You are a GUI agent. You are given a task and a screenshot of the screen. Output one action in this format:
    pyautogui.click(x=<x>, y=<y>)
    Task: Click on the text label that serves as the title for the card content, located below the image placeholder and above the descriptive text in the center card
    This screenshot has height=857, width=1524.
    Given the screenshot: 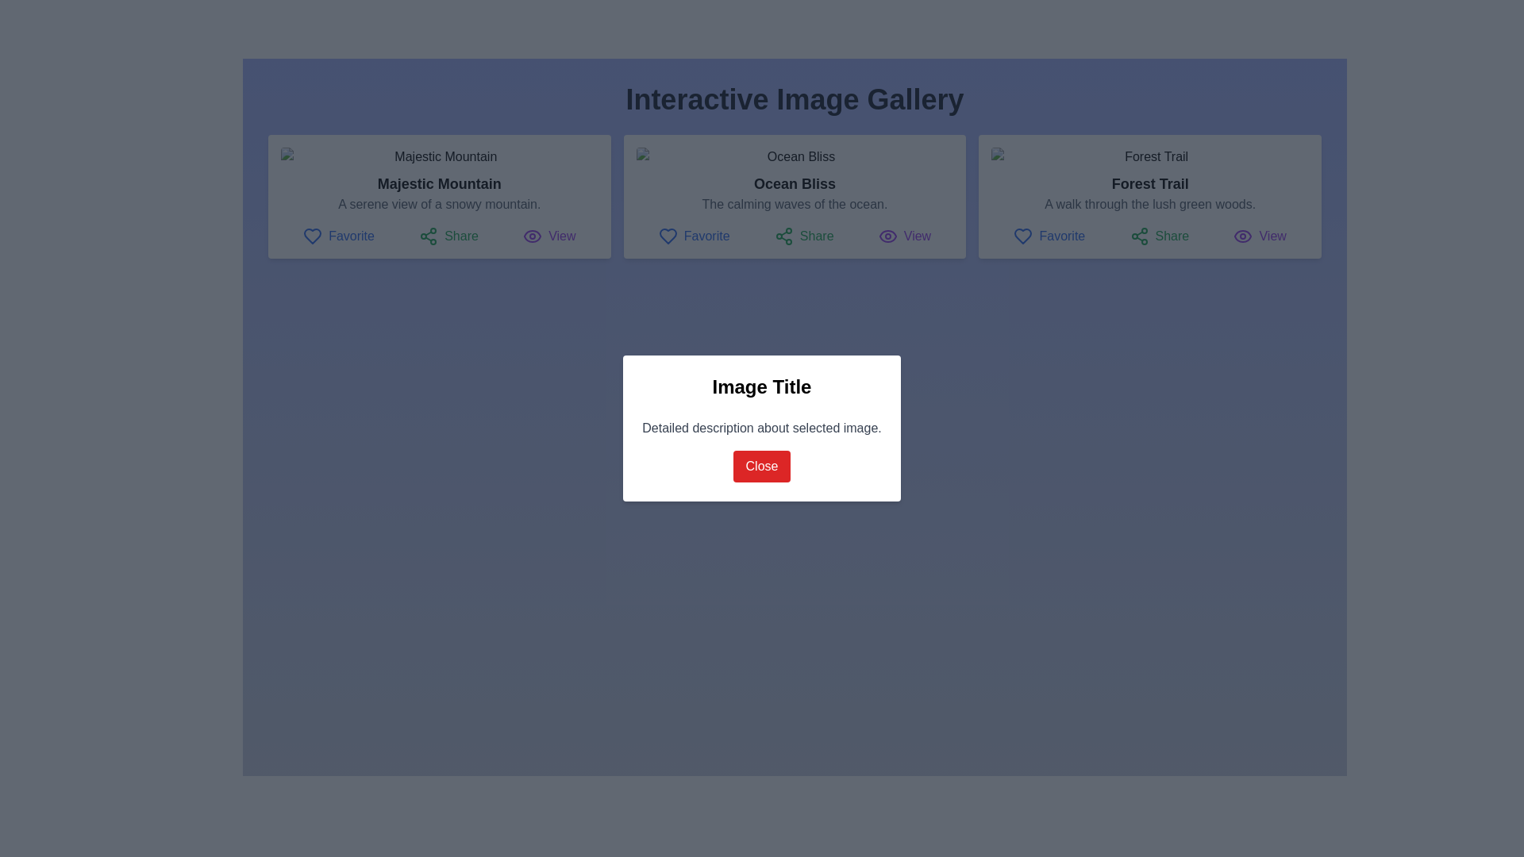 What is the action you would take?
    pyautogui.click(x=439, y=183)
    